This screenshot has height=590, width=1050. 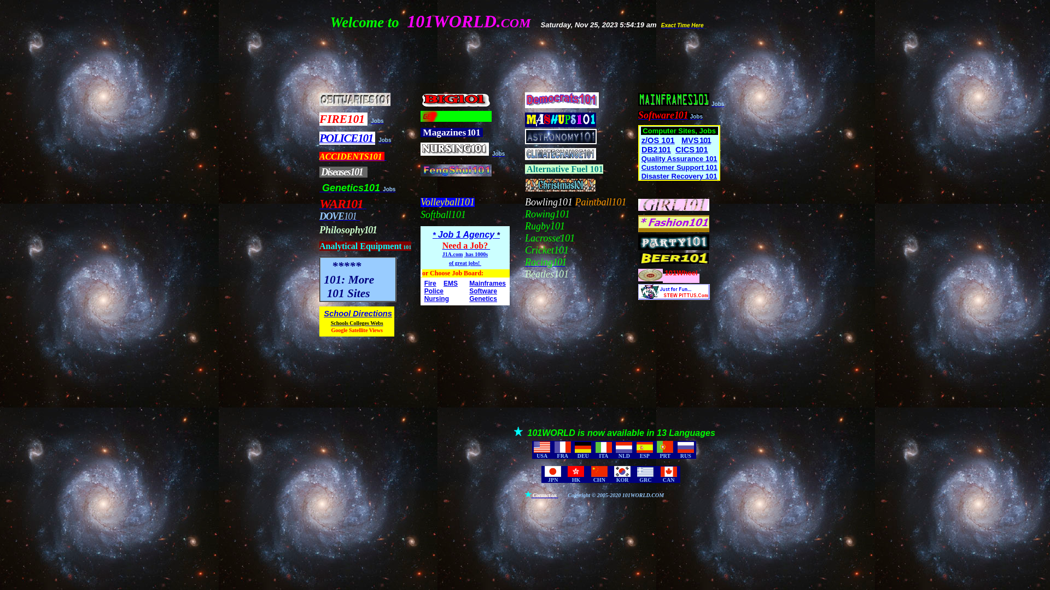 What do you see at coordinates (376, 321) in the screenshot?
I see `'Webs'` at bounding box center [376, 321].